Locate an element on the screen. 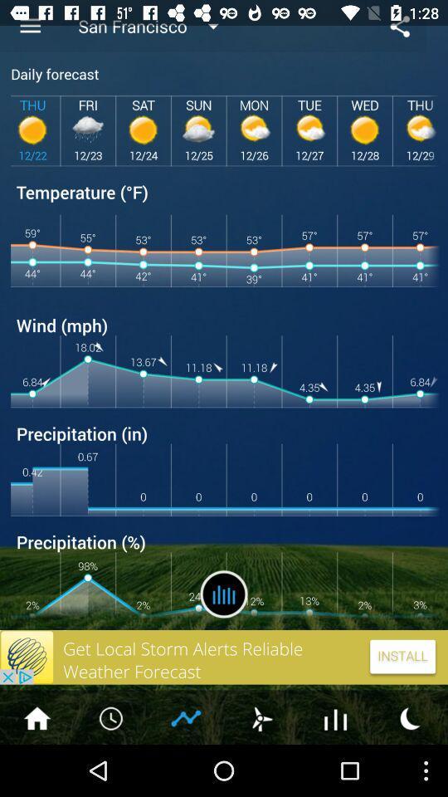 The width and height of the screenshot is (448, 797). the weather icon is located at coordinates (410, 768).